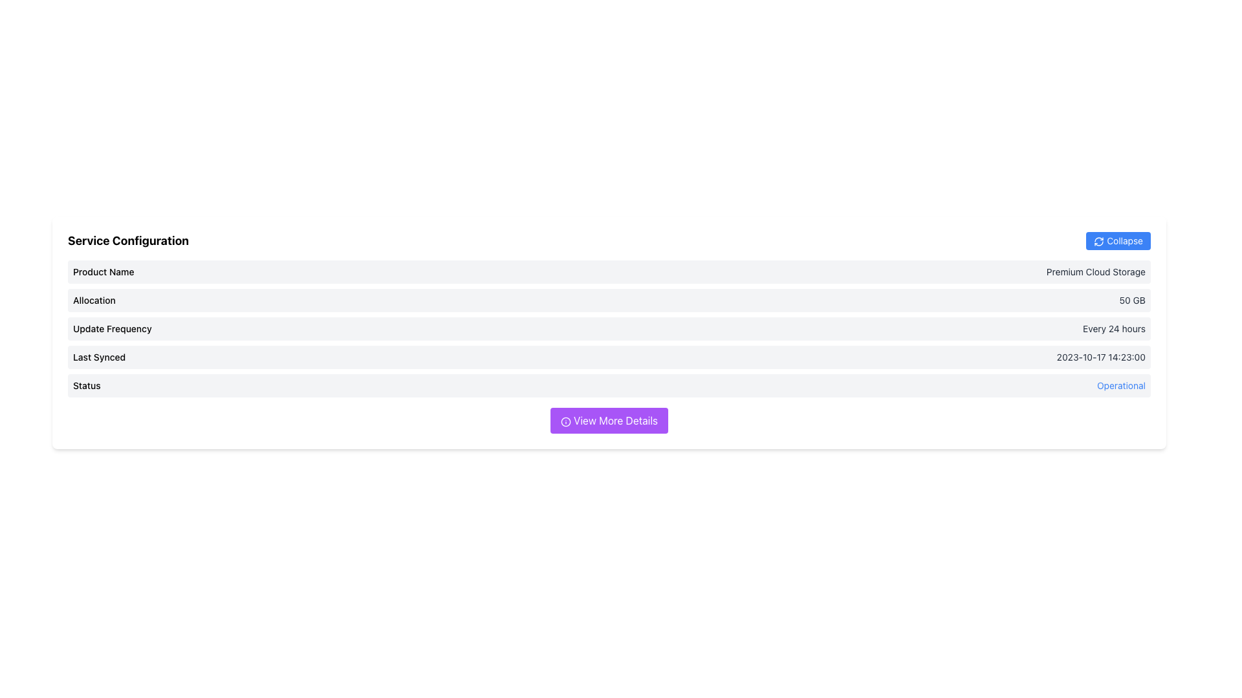 The height and width of the screenshot is (698, 1242). What do you see at coordinates (1098, 242) in the screenshot?
I see `the circular refresh icon, which is located within the blue rectangular button labeled 'Collapse' in the top-right corner of the card layout` at bounding box center [1098, 242].